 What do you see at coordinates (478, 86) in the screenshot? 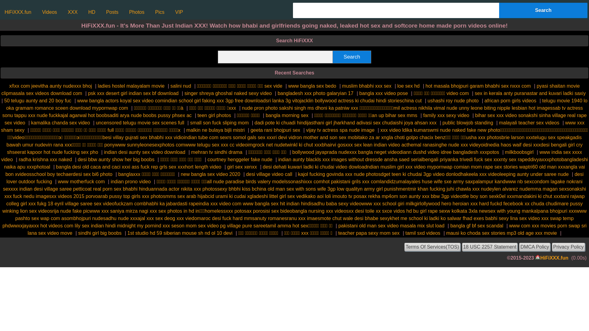
I see `'hot masala bhojpuri garam bhabhi sex nxxx com'` at bounding box center [478, 86].